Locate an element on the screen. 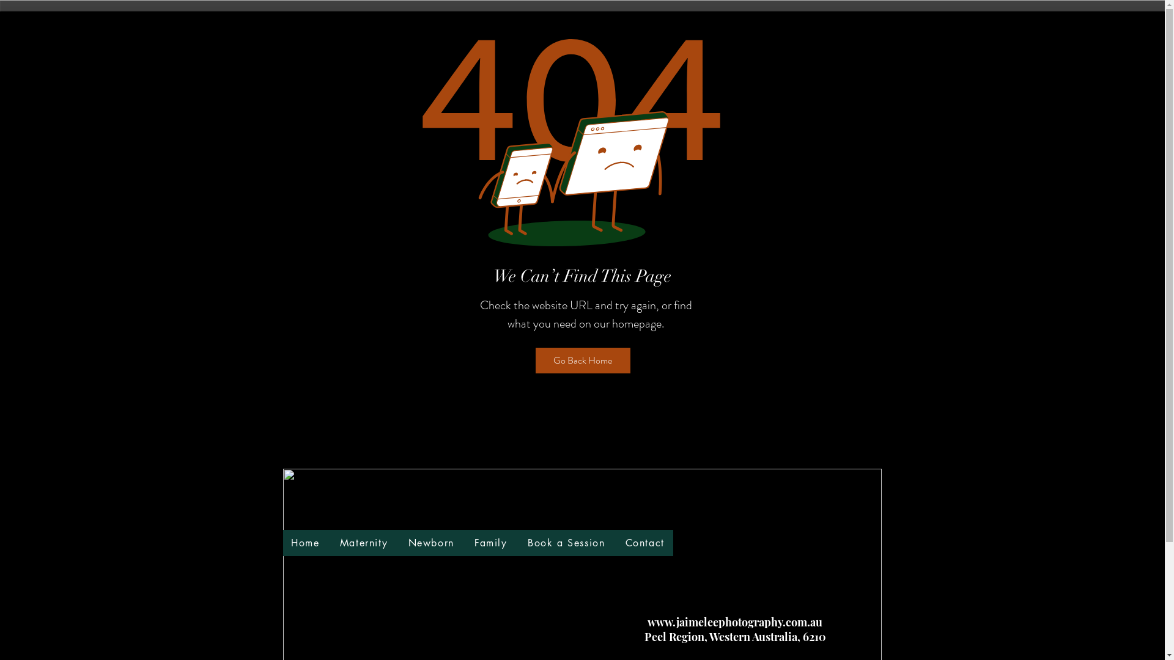  'Maternity' is located at coordinates (363, 542).